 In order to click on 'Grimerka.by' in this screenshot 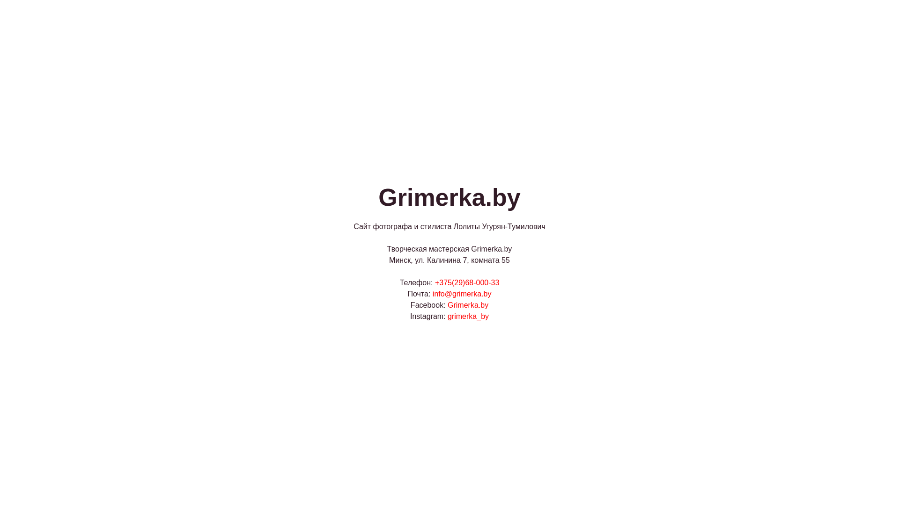, I will do `click(468, 305)`.